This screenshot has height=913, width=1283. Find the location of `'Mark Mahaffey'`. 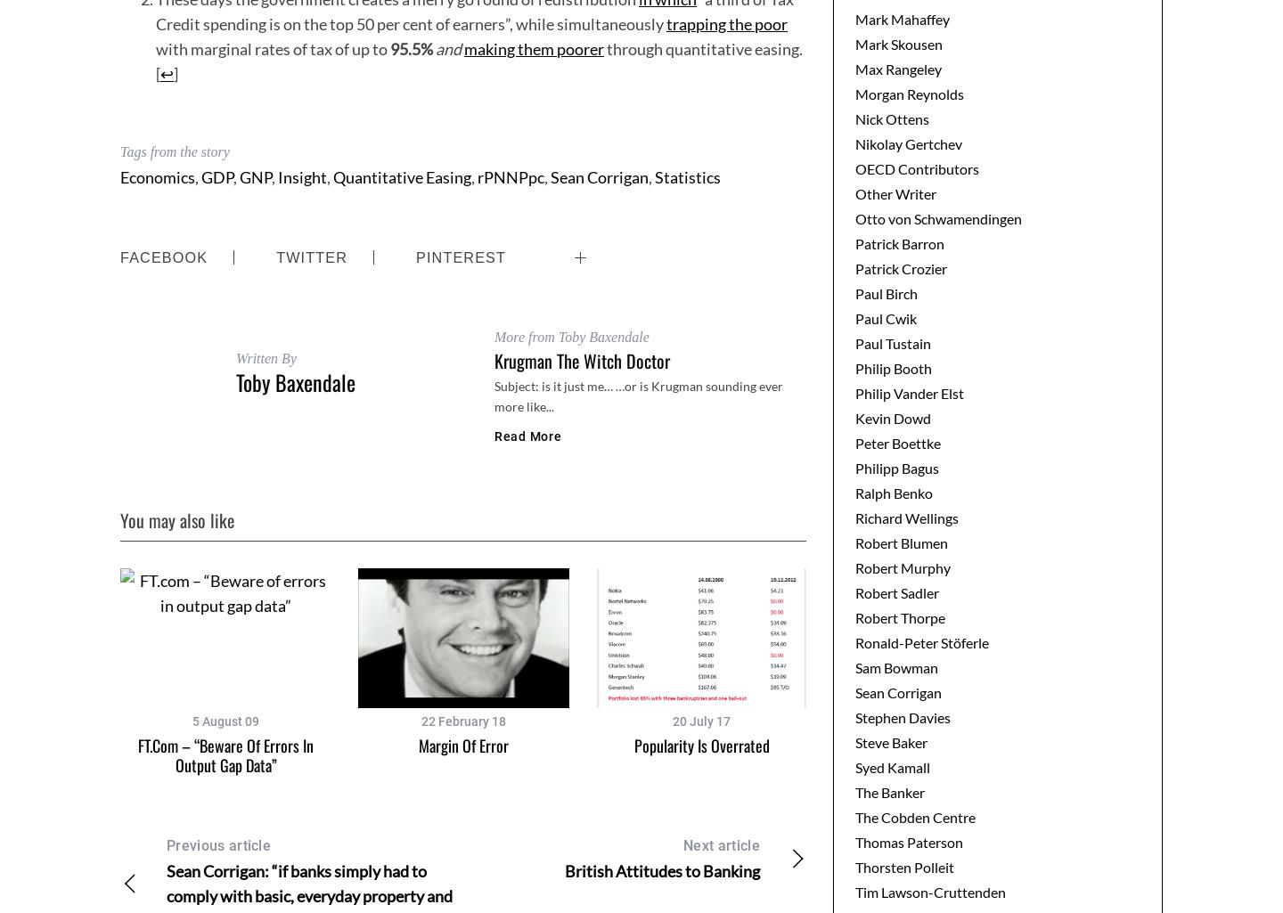

'Mark Mahaffey' is located at coordinates (855, 18).